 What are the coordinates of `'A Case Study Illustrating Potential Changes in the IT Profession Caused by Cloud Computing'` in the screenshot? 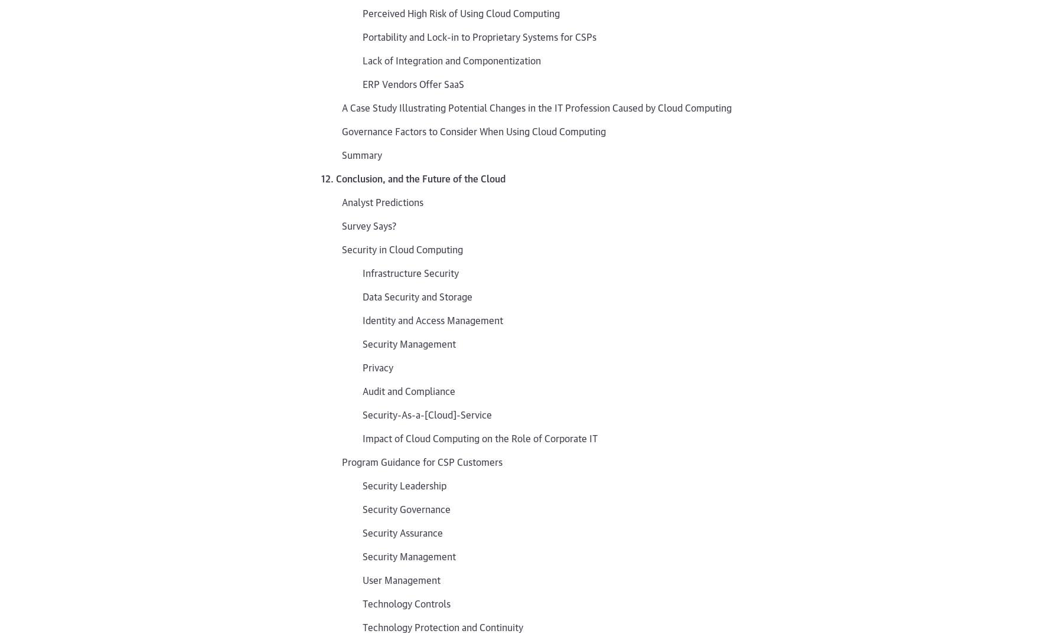 It's located at (536, 106).